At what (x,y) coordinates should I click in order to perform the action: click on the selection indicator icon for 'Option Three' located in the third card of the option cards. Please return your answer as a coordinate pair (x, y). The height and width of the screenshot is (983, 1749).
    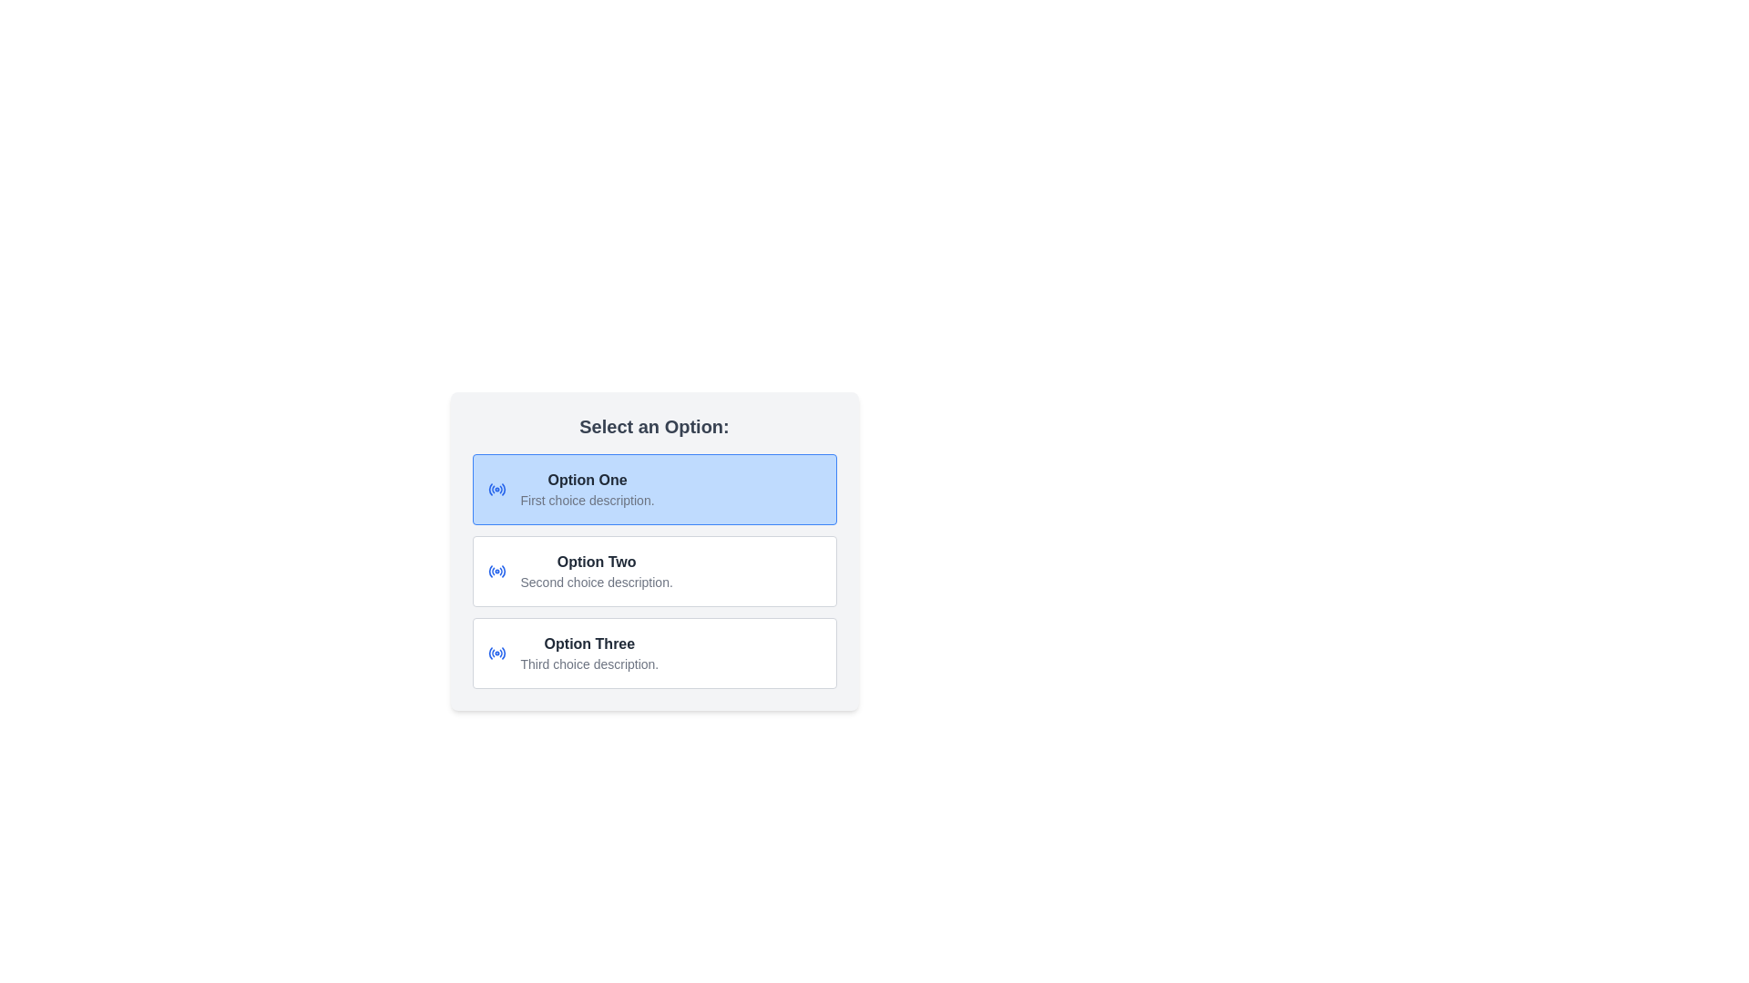
    Looking at the image, I should click on (496, 652).